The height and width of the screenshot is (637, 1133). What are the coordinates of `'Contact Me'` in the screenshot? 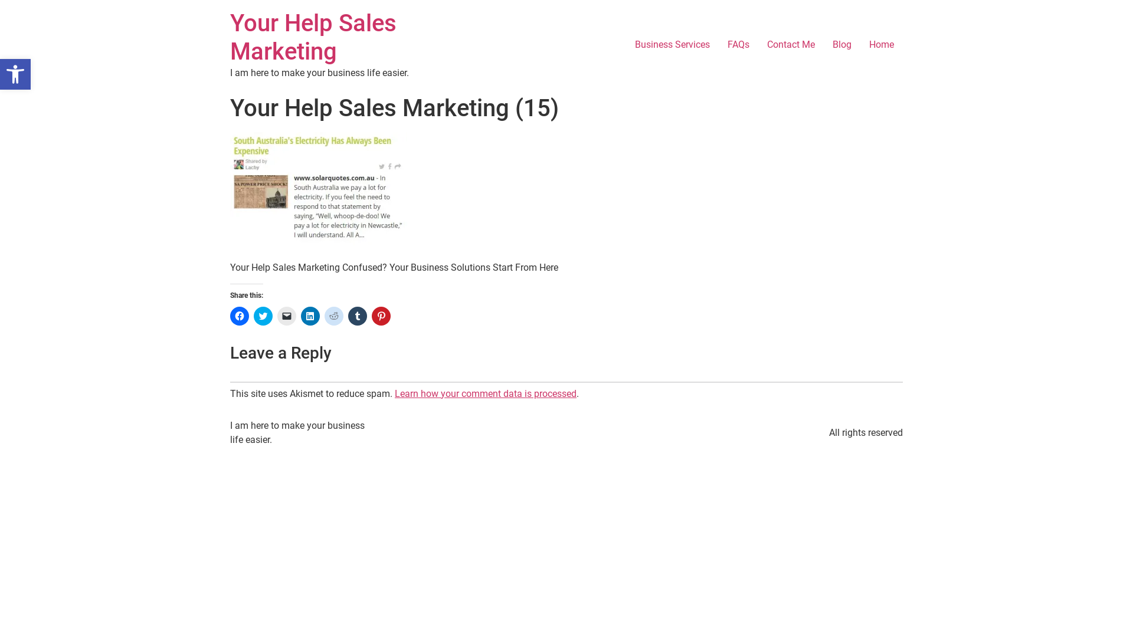 It's located at (758, 44).